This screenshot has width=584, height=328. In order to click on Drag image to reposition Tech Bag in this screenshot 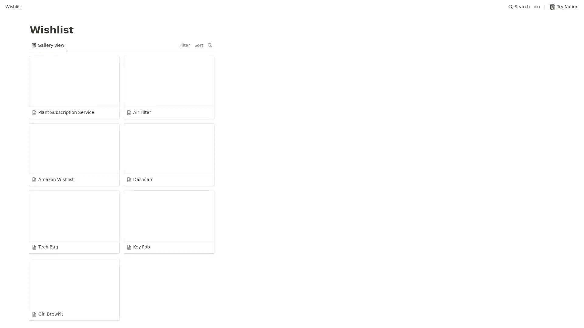, I will do `click(424, 90)`.